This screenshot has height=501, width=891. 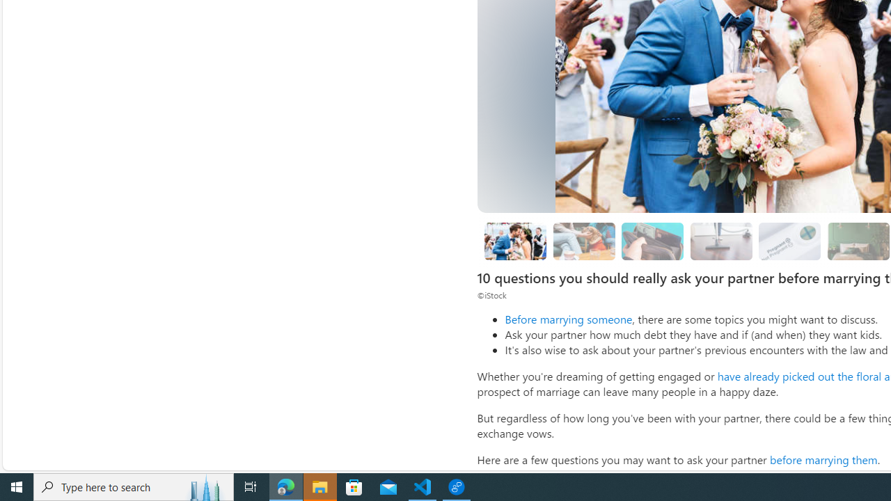 What do you see at coordinates (823, 459) in the screenshot?
I see `'before marrying them'` at bounding box center [823, 459].